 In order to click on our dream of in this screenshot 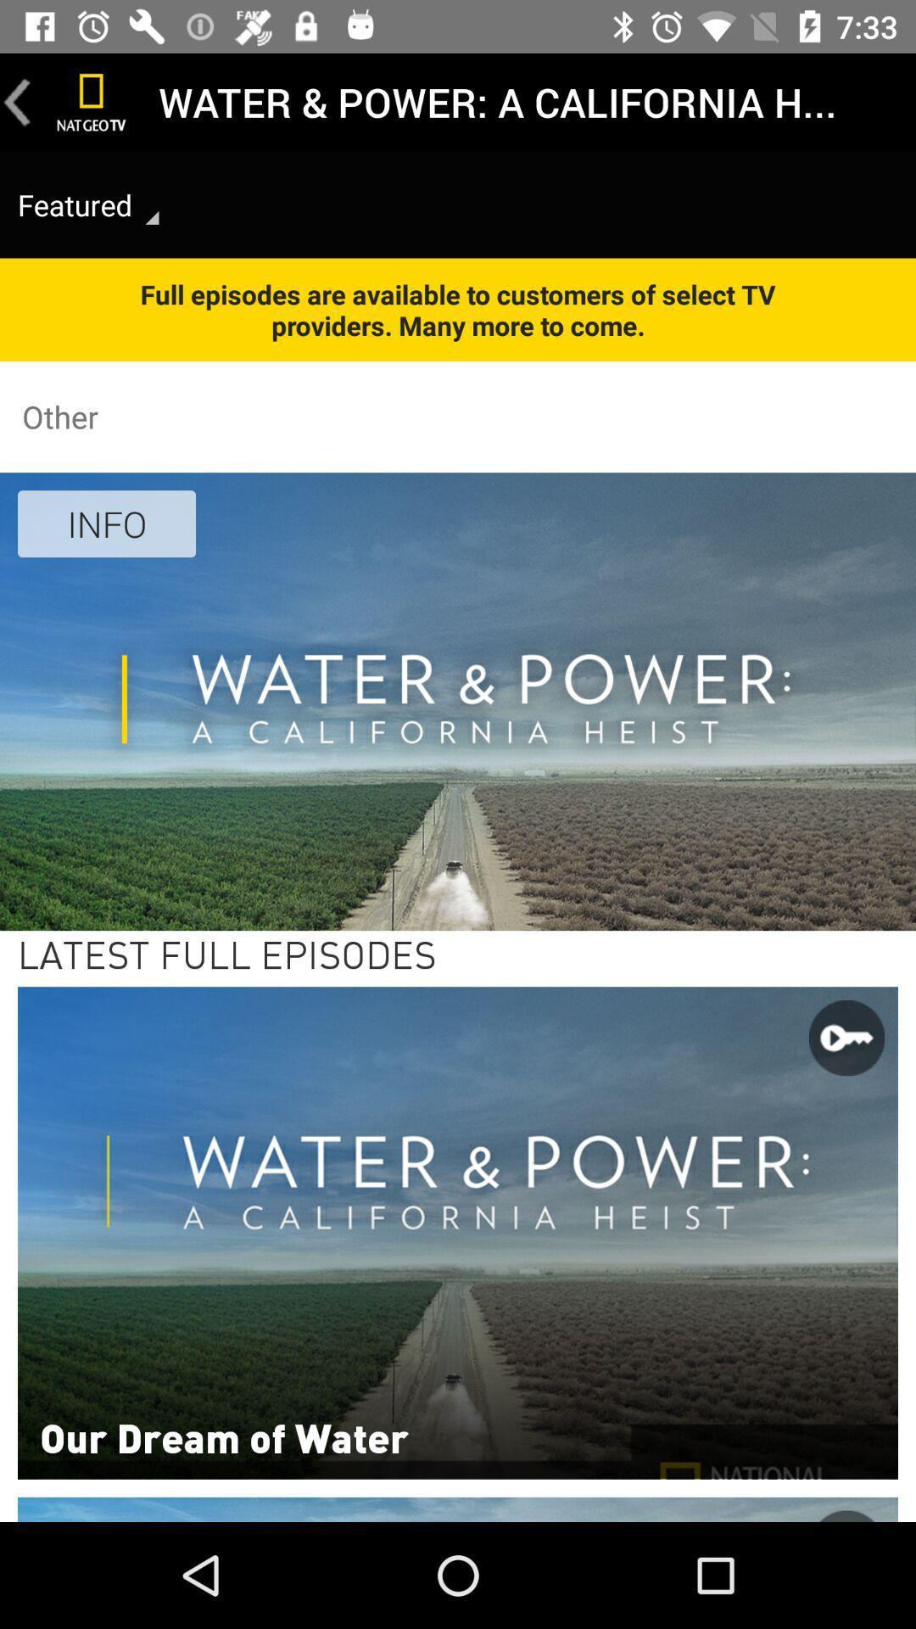, I will do `click(223, 1436)`.